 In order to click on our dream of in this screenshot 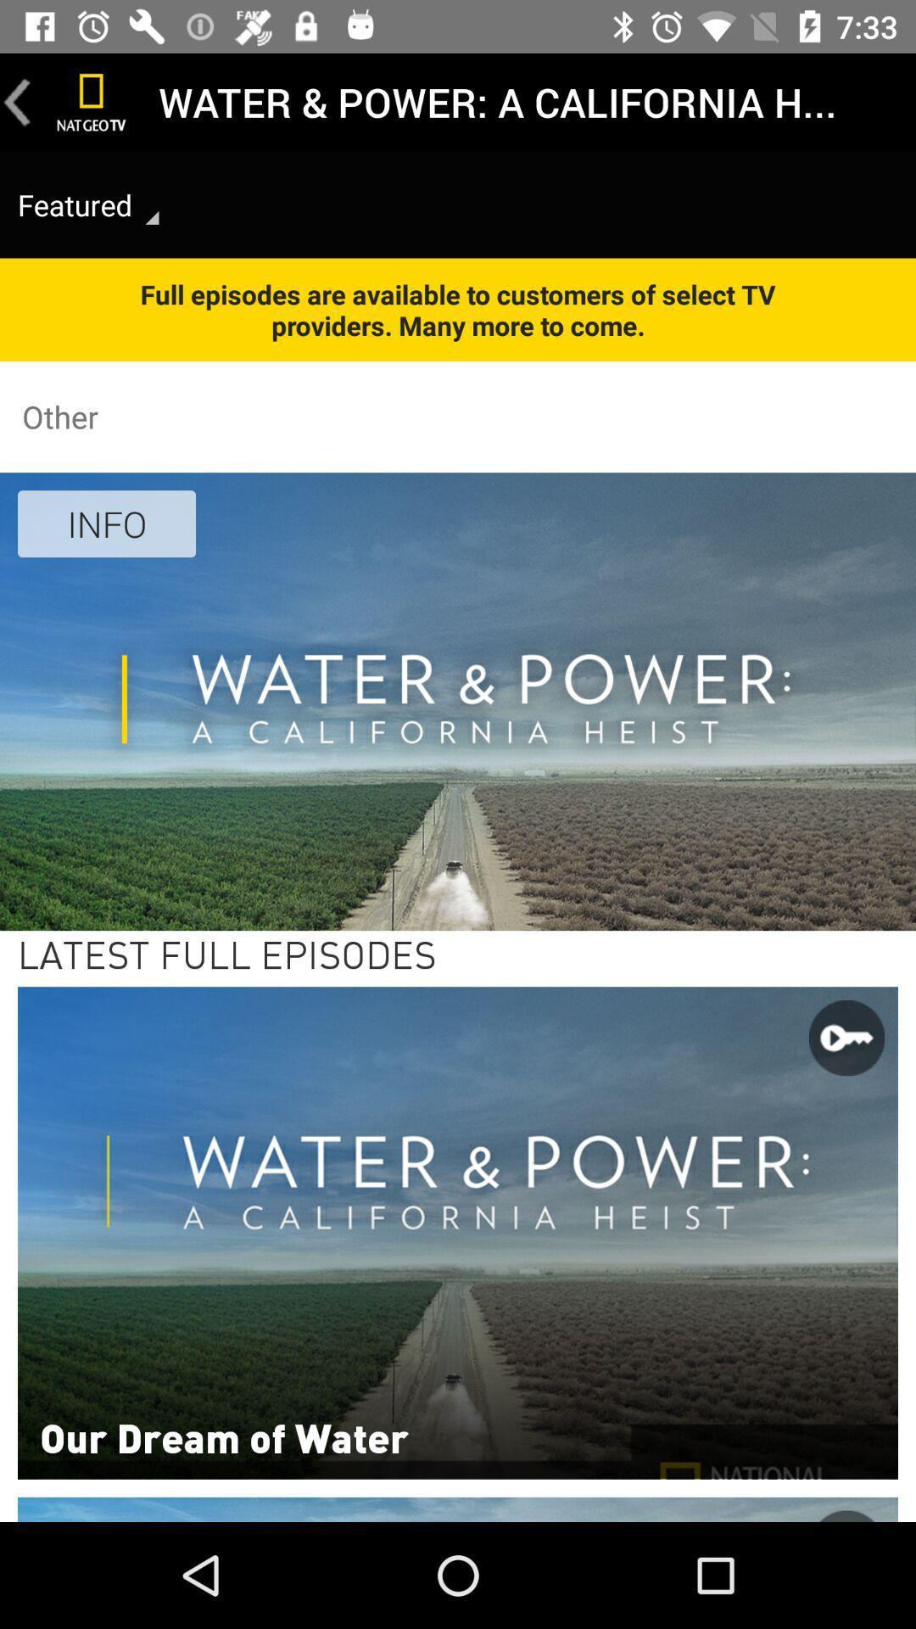, I will do `click(223, 1436)`.